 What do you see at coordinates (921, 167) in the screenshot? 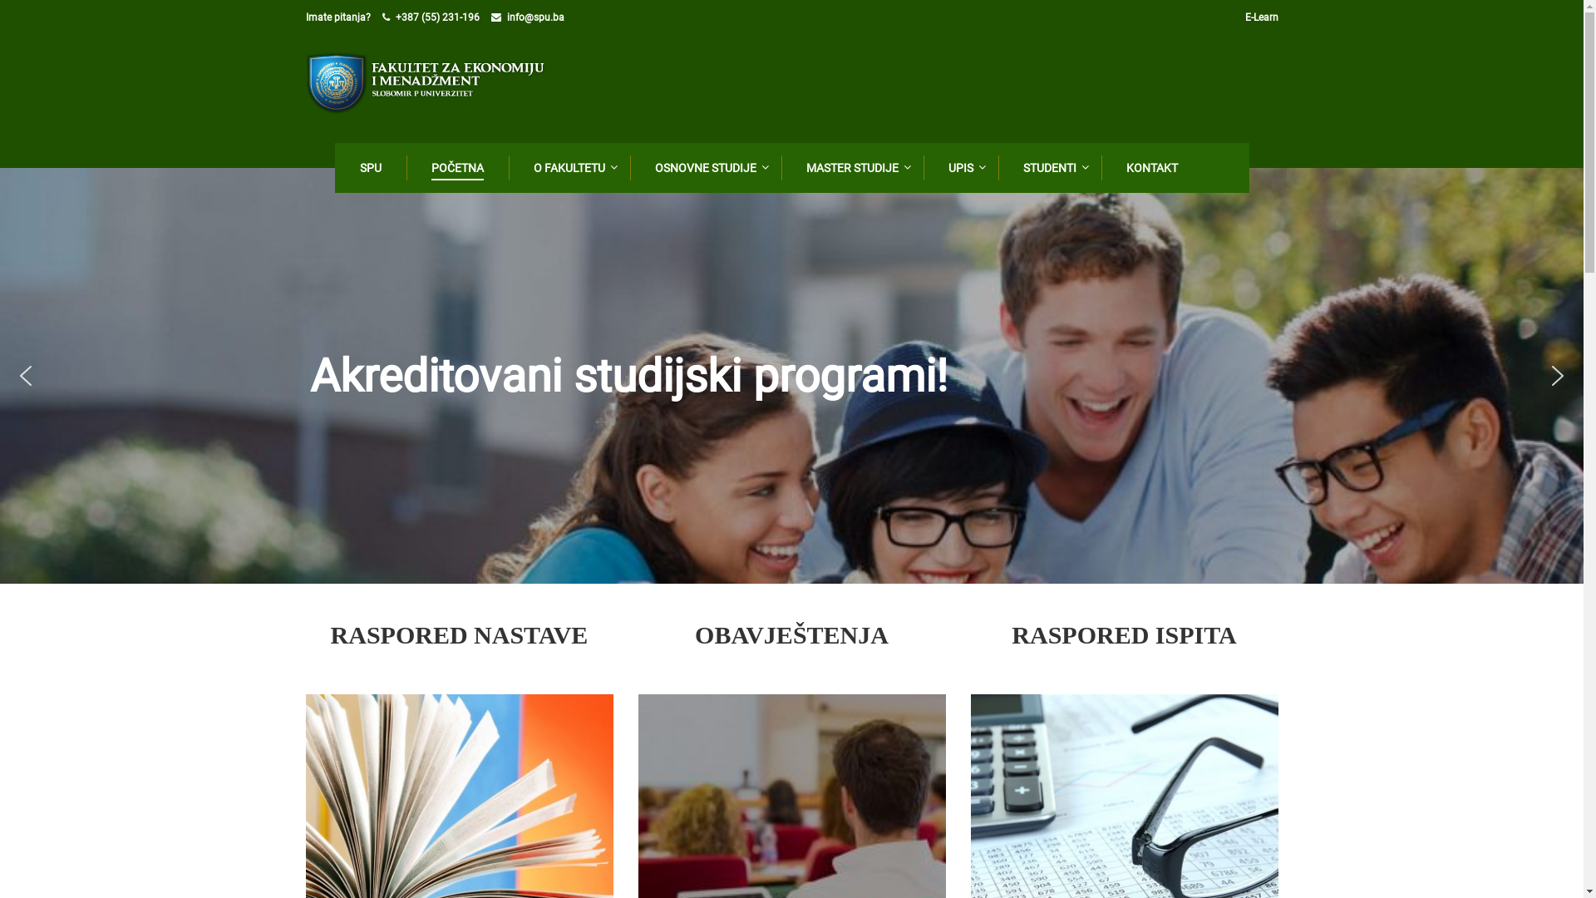
I see `'UPIS'` at bounding box center [921, 167].